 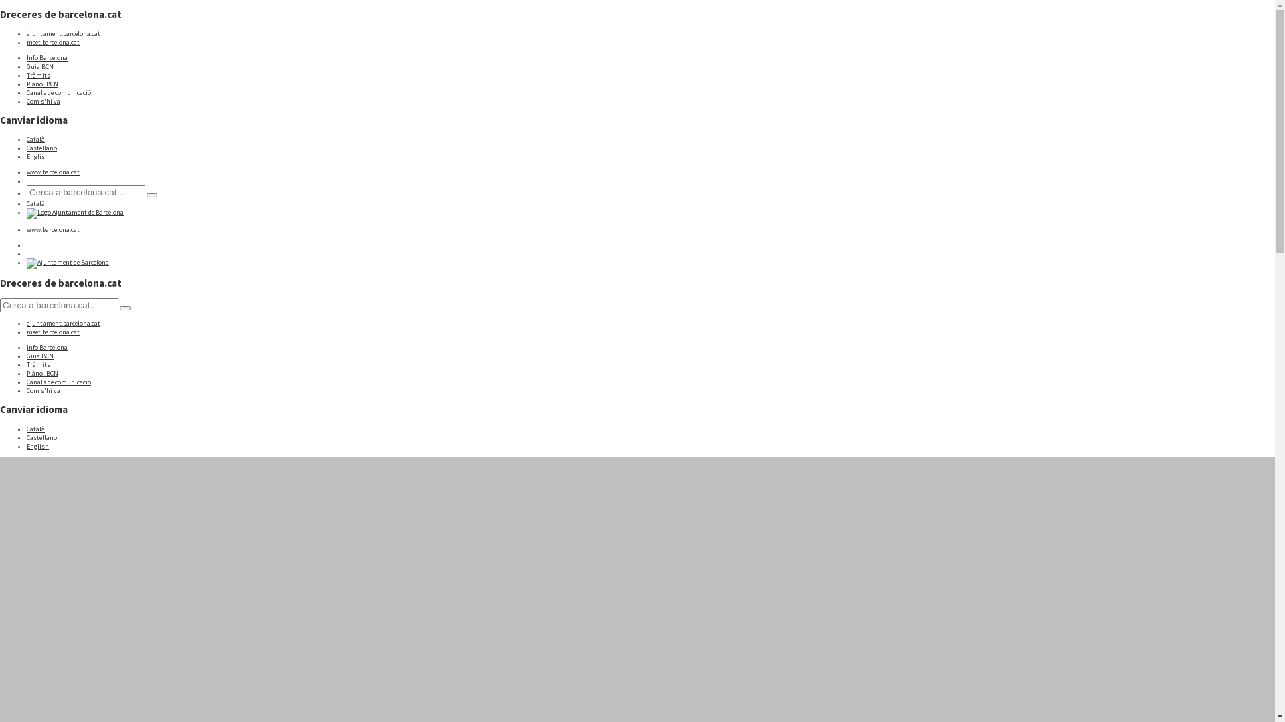 I want to click on 'Com s'hi va', so click(x=44, y=100).